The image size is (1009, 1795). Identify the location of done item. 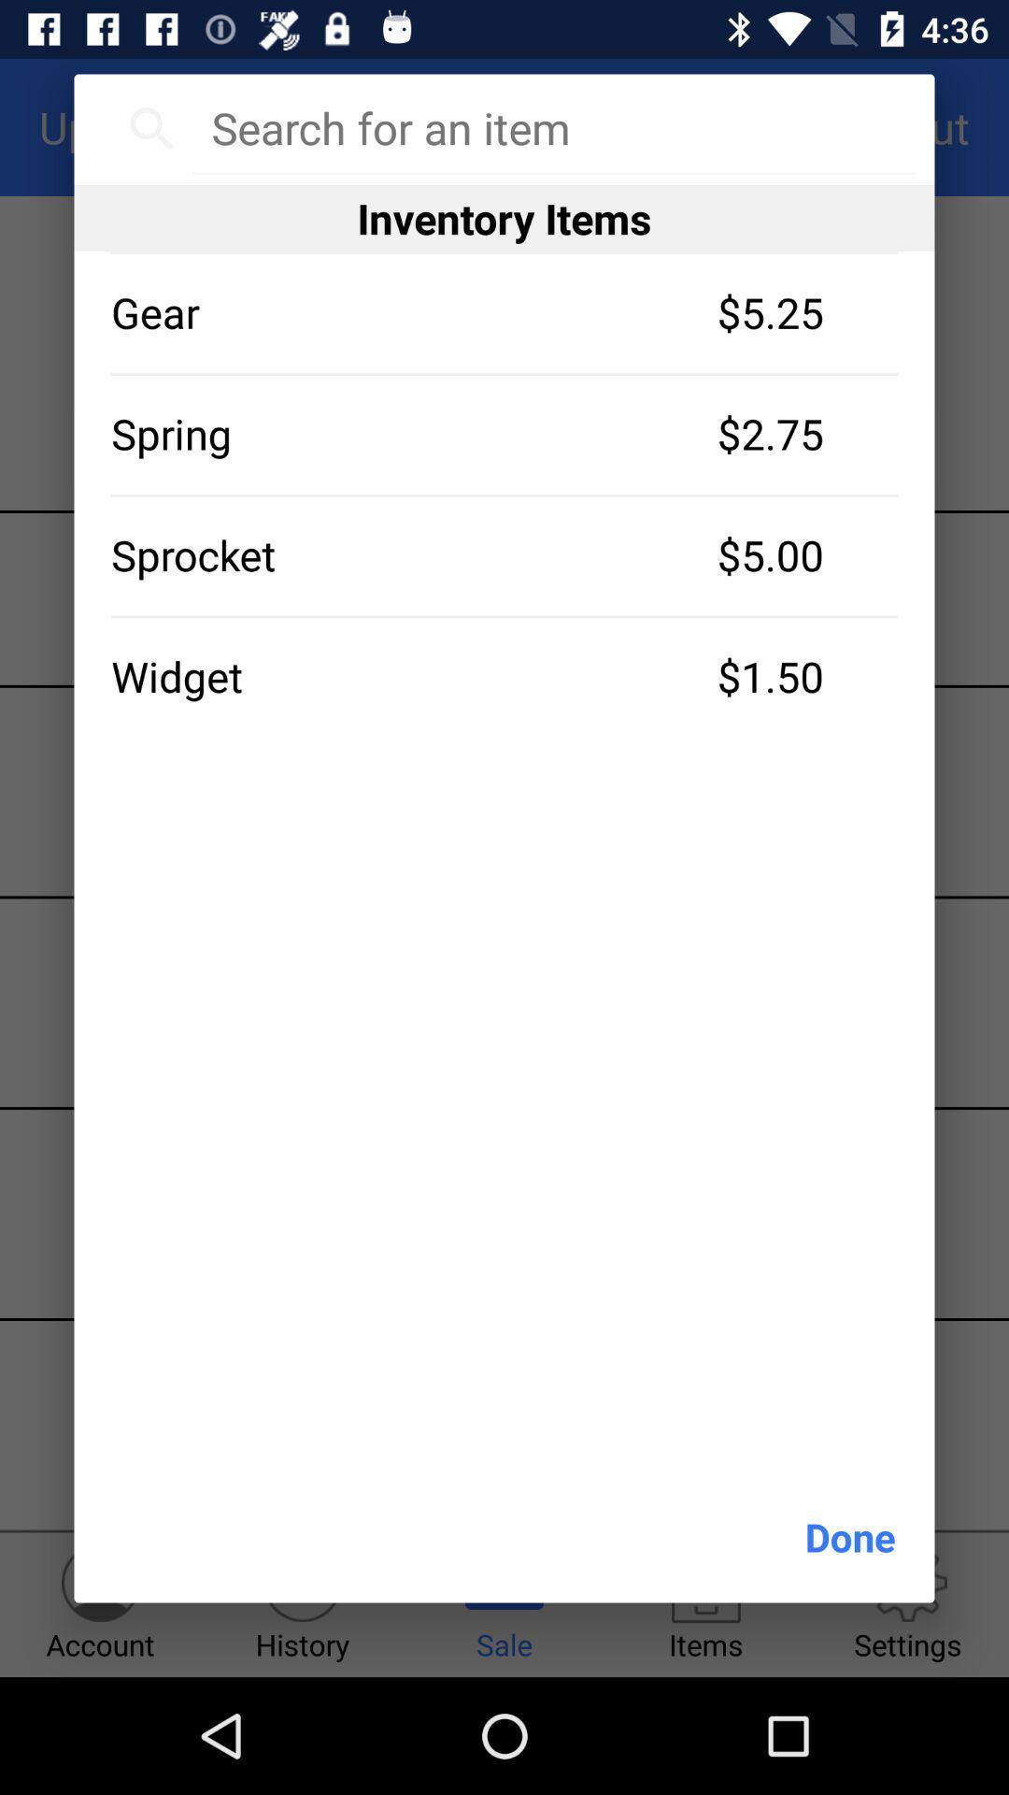
(850, 1537).